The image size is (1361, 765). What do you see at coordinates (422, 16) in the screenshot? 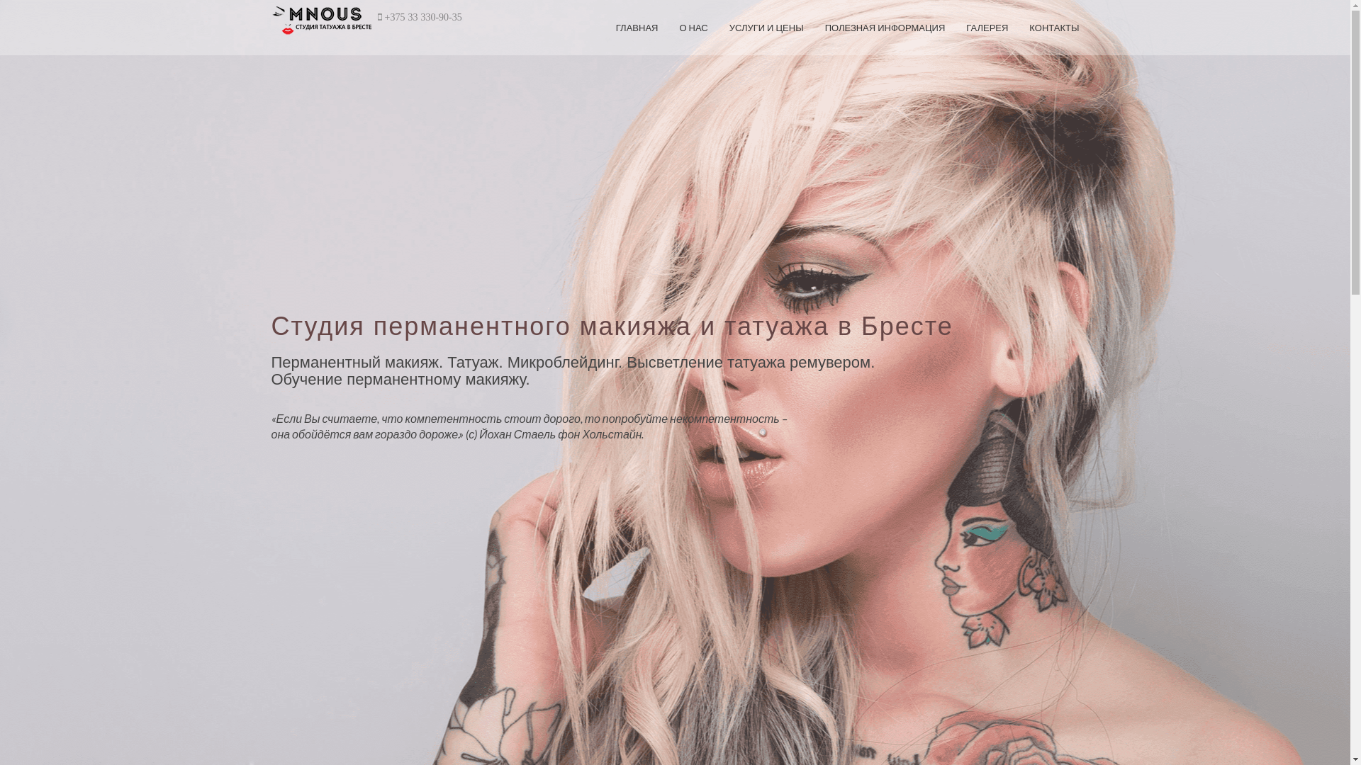
I see `'+375 33 330-90-35'` at bounding box center [422, 16].